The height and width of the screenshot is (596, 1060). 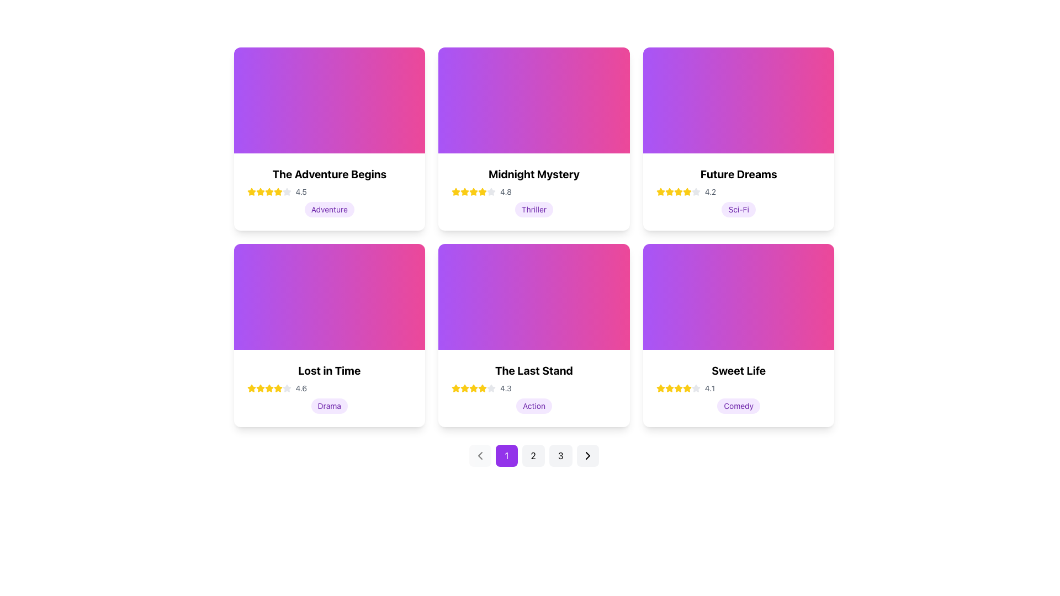 What do you see at coordinates (669, 388) in the screenshot?
I see `the third filled yellow star icon in the rating component of the 'Sweet Life' card, which indicates a 4.1 rating` at bounding box center [669, 388].